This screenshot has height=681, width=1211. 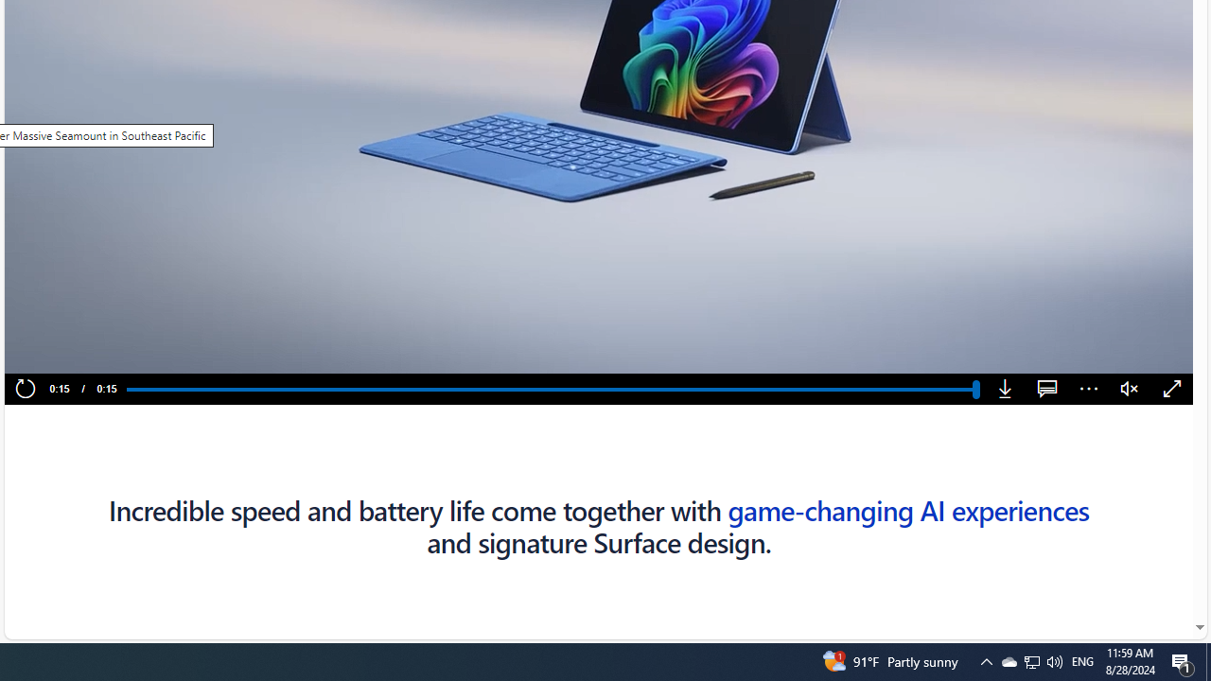 What do you see at coordinates (1046, 389) in the screenshot?
I see `'Captions'` at bounding box center [1046, 389].